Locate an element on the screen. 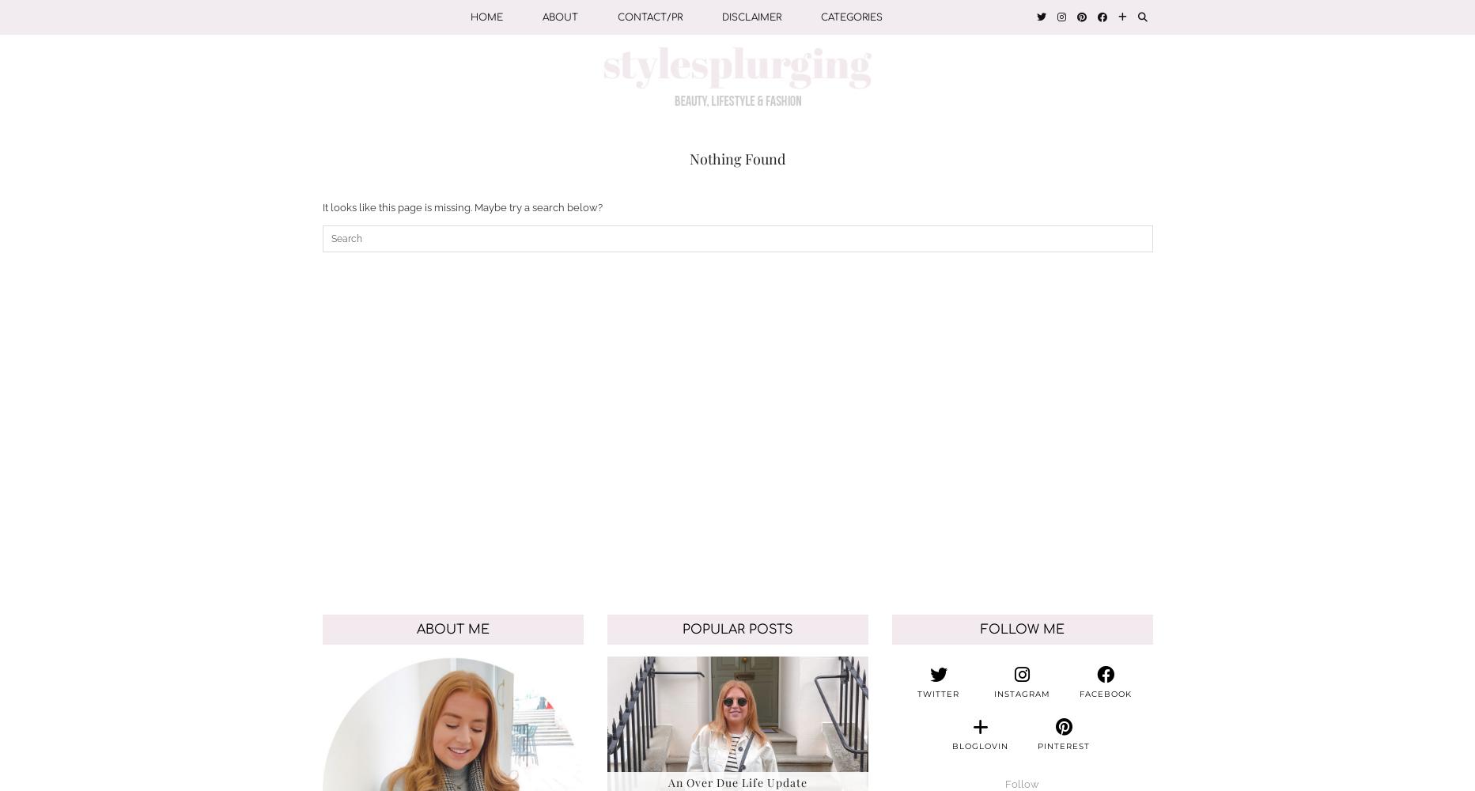  'ABOUT' is located at coordinates (560, 17).